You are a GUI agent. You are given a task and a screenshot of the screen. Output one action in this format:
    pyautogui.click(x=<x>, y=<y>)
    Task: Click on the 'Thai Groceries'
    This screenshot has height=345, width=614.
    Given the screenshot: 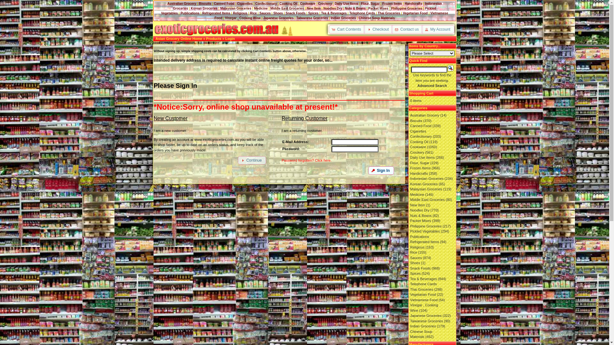 What is the action you would take?
    pyautogui.click(x=388, y=13)
    